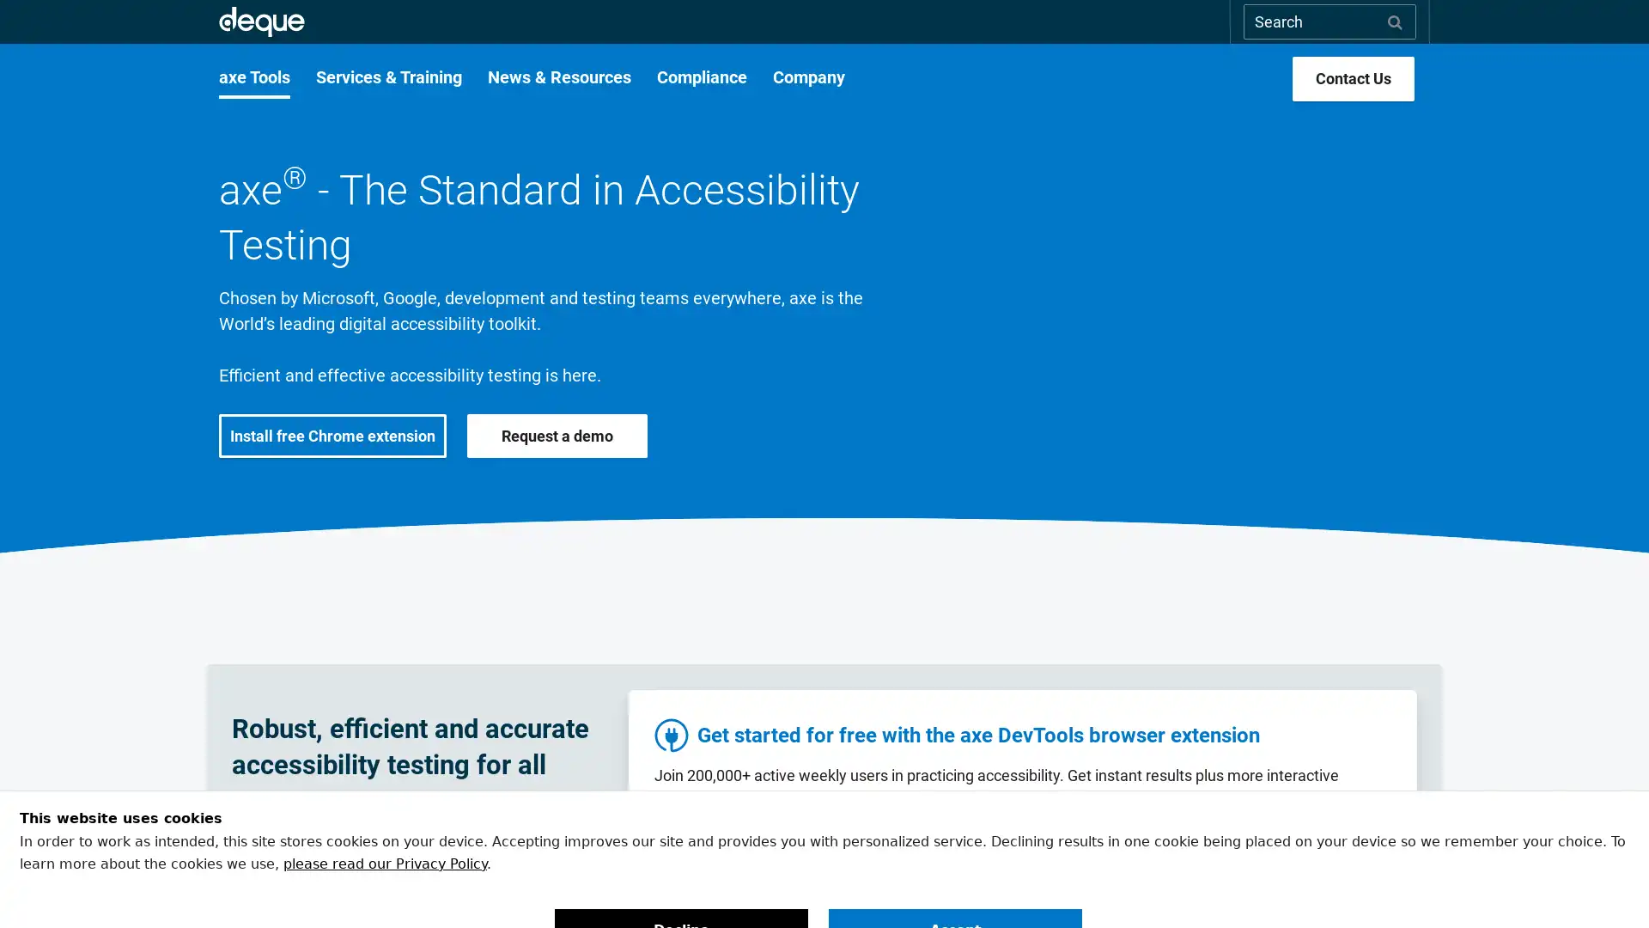 The height and width of the screenshot is (928, 1649). Describe the element at coordinates (1605, 884) in the screenshot. I see `Open Intercom Messenger` at that location.